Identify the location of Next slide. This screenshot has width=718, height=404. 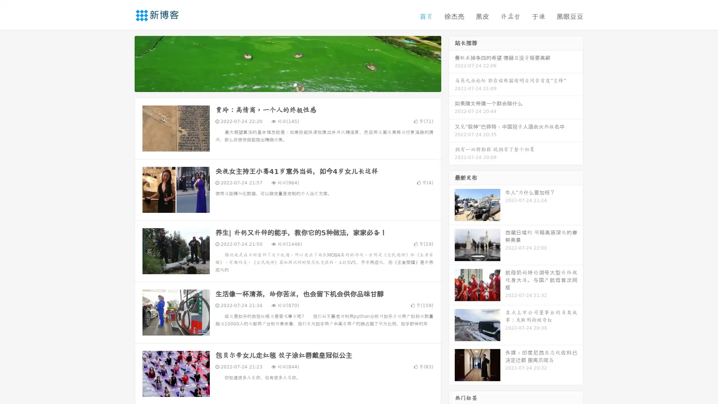
(452, 63).